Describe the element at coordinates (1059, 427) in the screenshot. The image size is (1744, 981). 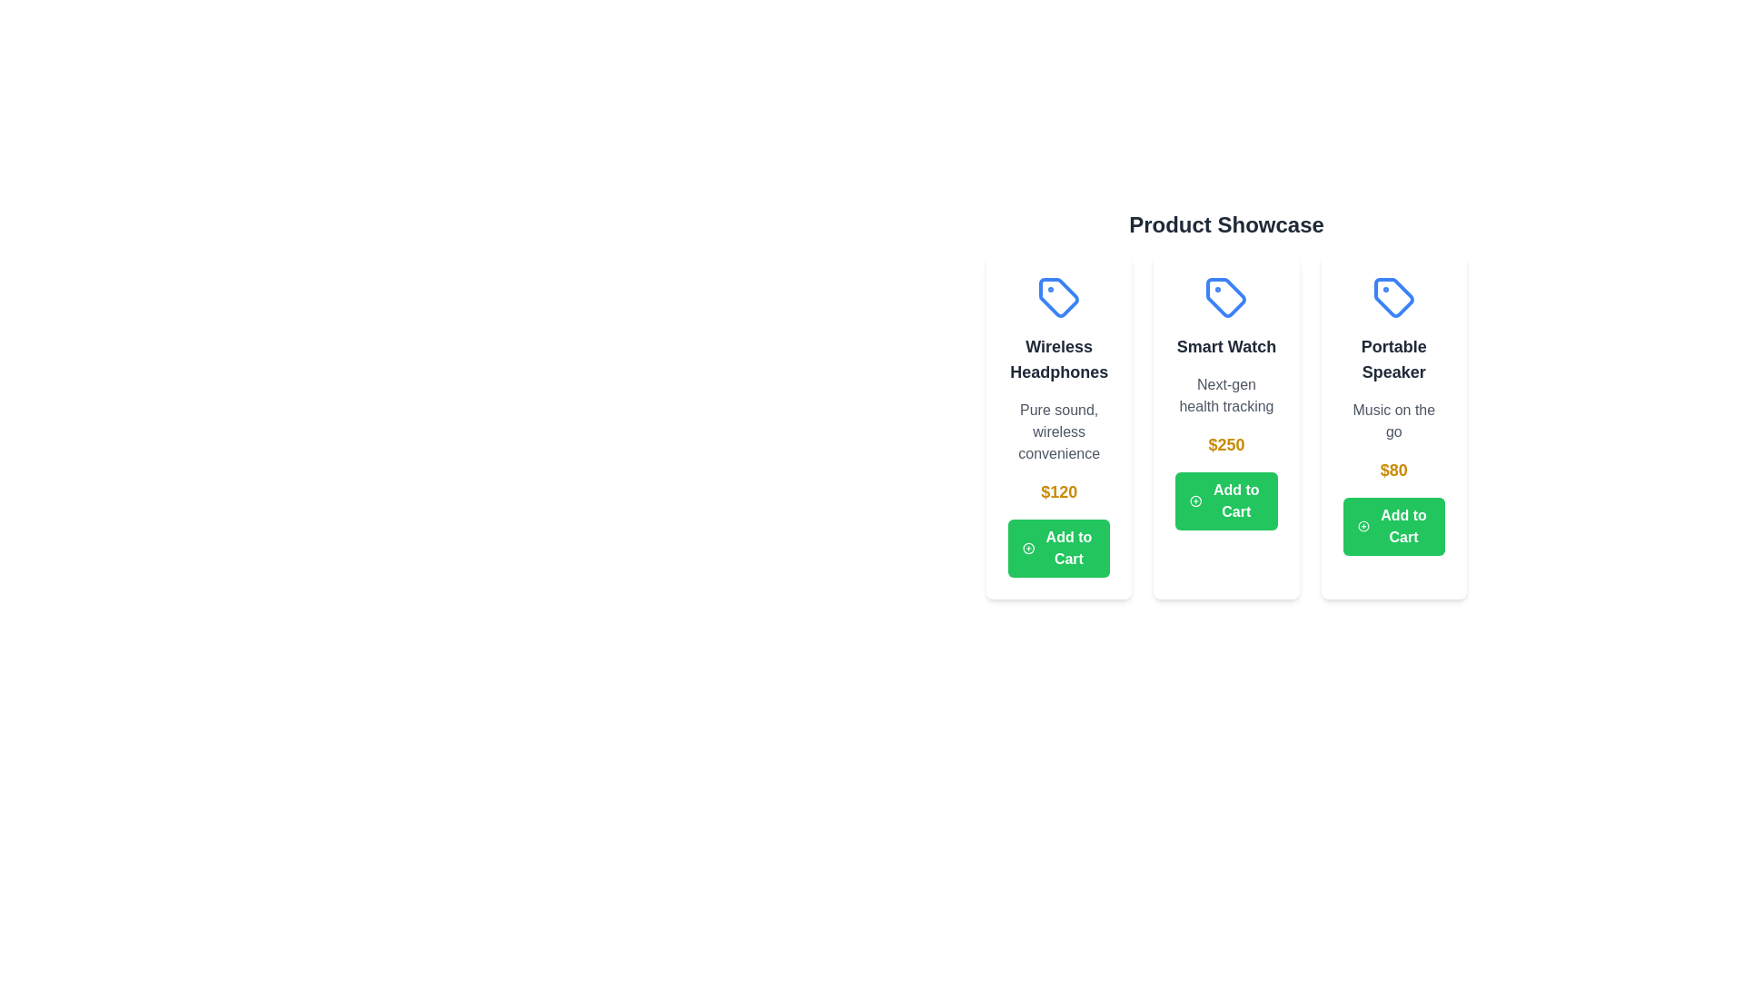
I see `the product card for Wireless Headphones` at that location.